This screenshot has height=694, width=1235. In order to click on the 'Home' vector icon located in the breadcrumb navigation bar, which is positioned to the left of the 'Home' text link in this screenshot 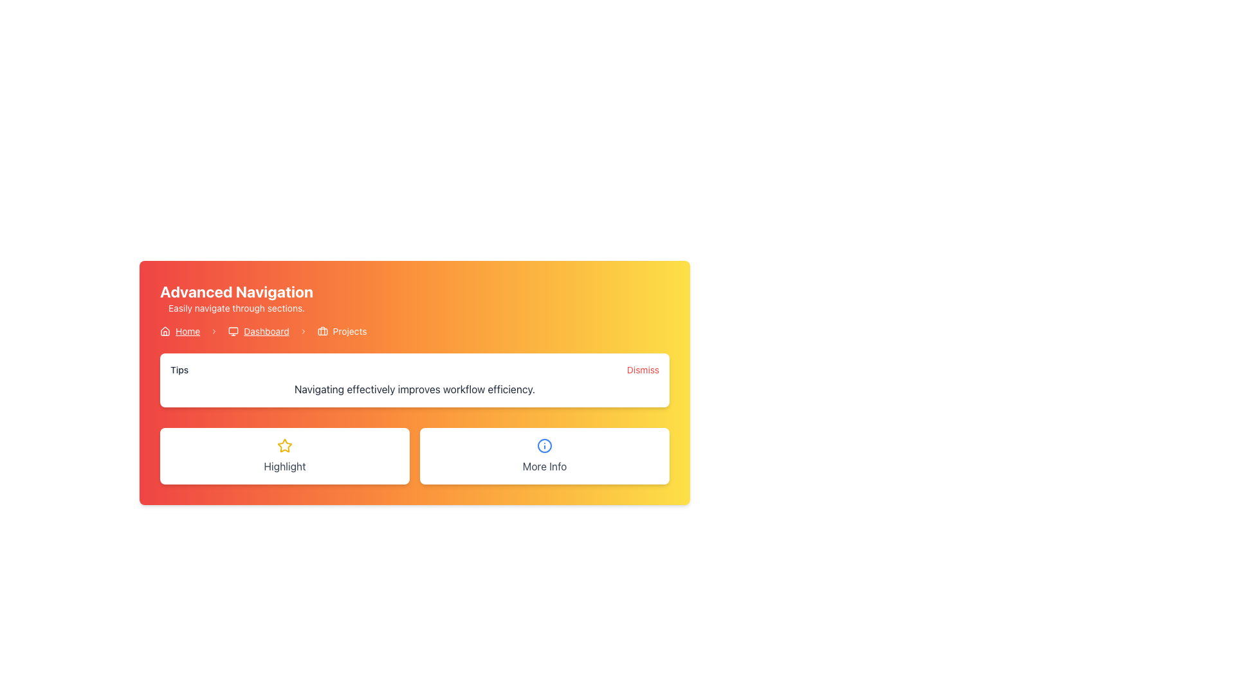, I will do `click(165, 331)`.